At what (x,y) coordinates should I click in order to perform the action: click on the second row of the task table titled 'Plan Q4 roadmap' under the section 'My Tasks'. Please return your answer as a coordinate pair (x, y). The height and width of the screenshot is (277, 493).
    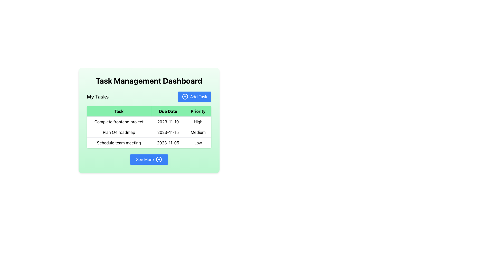
    Looking at the image, I should click on (149, 132).